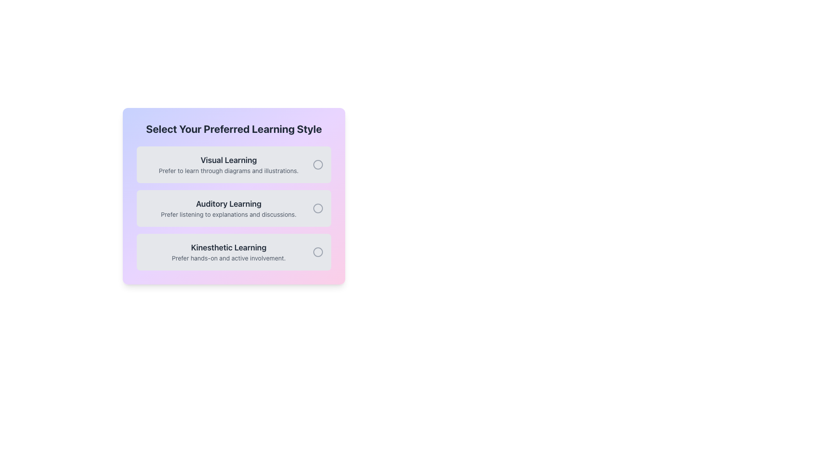 Image resolution: width=839 pixels, height=472 pixels. Describe the element at coordinates (234, 252) in the screenshot. I see `the interactive card with a radio button labeled 'Kinesthetic Learning' that features a header with bold text and is the third card in a vertically stacked list of learning style preferences` at that location.